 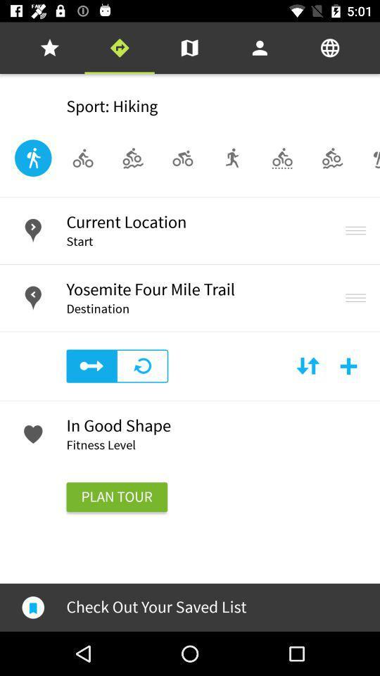 I want to click on icon above the sport: hiking icon, so click(x=49, y=48).